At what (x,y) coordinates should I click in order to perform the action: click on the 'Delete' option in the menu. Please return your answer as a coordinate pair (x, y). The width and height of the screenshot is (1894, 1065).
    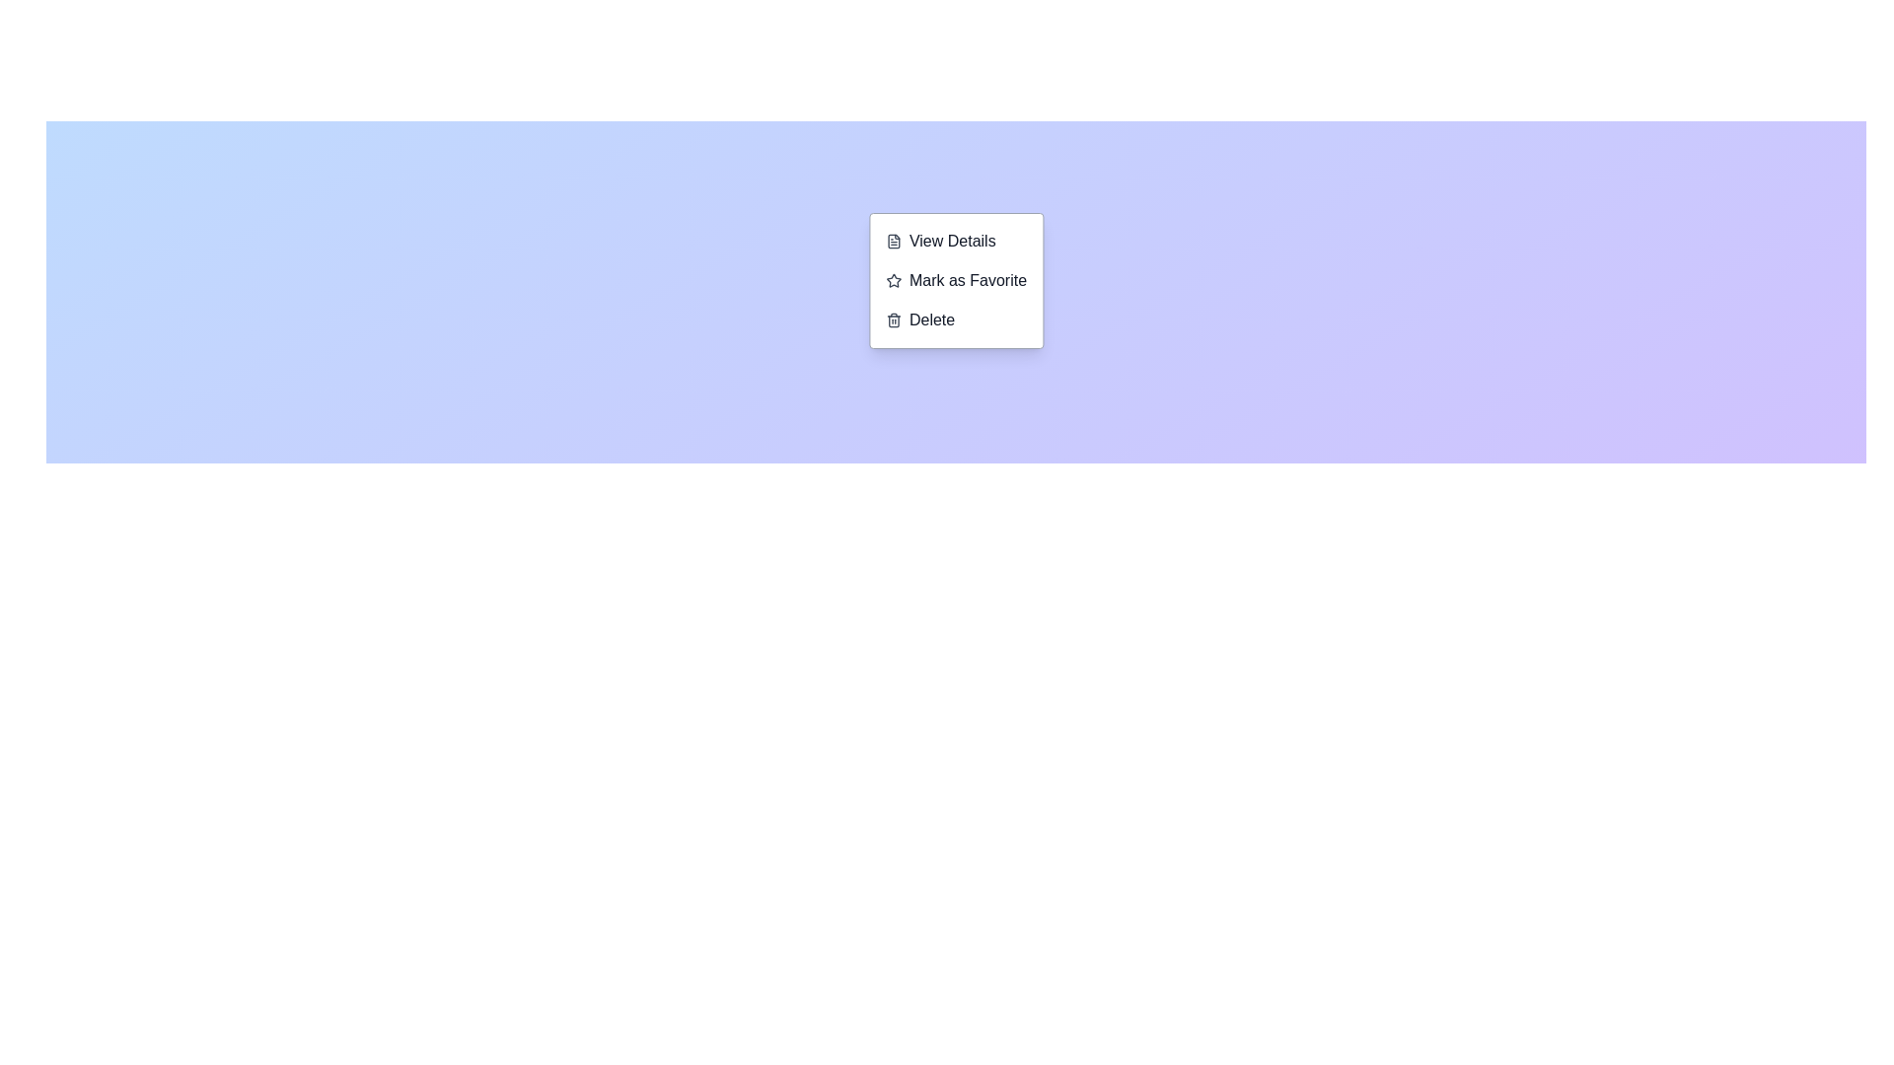
    Looking at the image, I should click on (956, 319).